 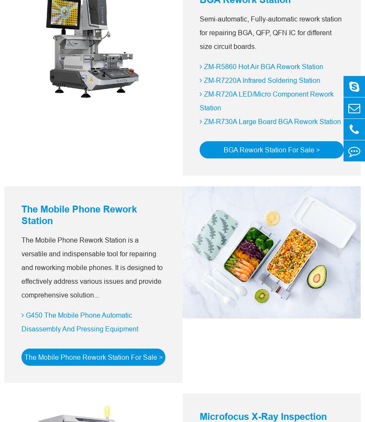 I want to click on 'The Mobile Phone Rework Station For Sale >', so click(x=93, y=357).